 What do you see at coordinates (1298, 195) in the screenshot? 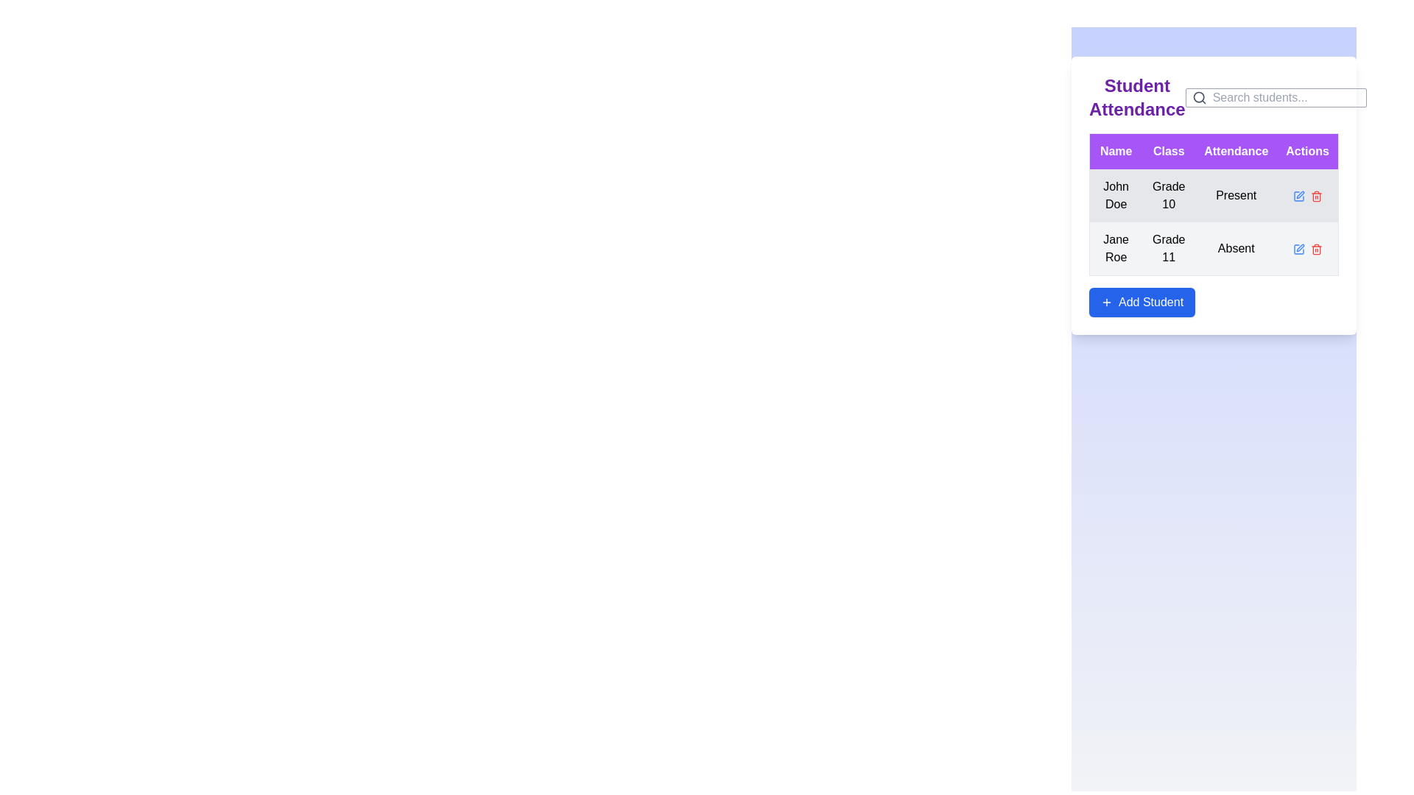
I see `the small blue pencil icon button located in the 'Actions' column of the table for the first row, next to 'John Doe'` at bounding box center [1298, 195].